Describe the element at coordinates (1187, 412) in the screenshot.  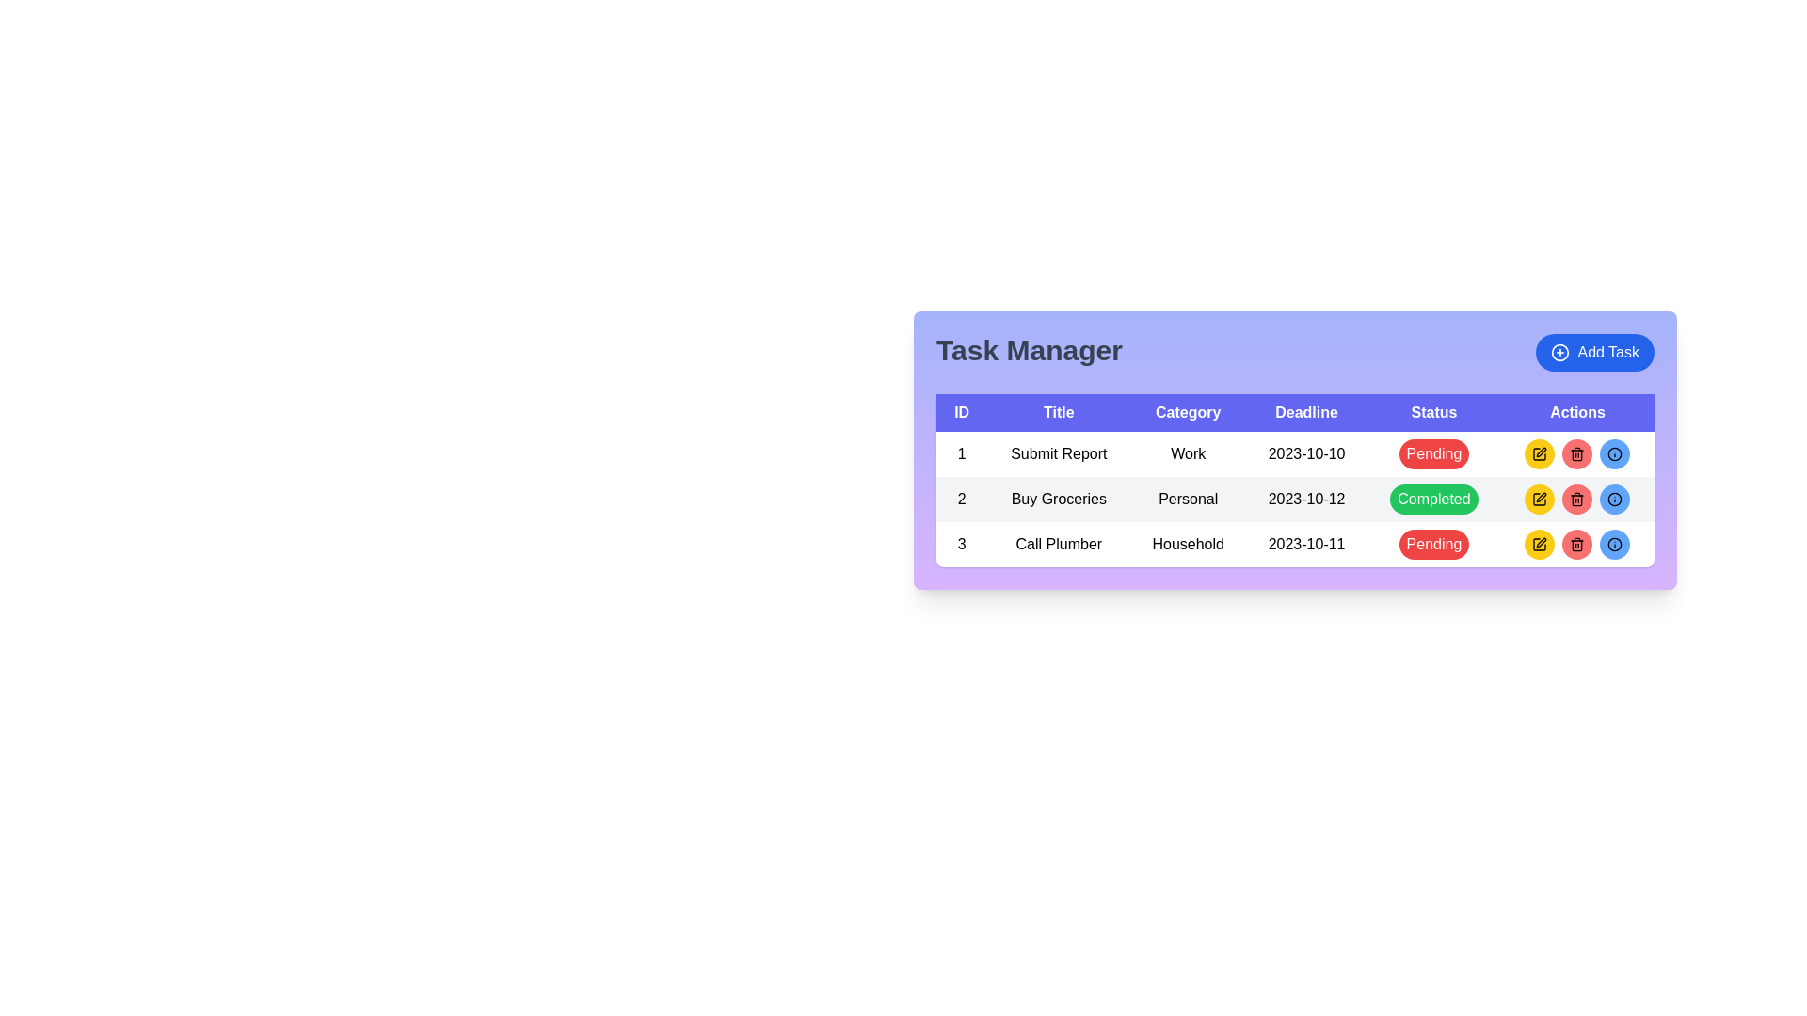
I see `the header label indicating the category attribute in the third position of the table's header` at that location.